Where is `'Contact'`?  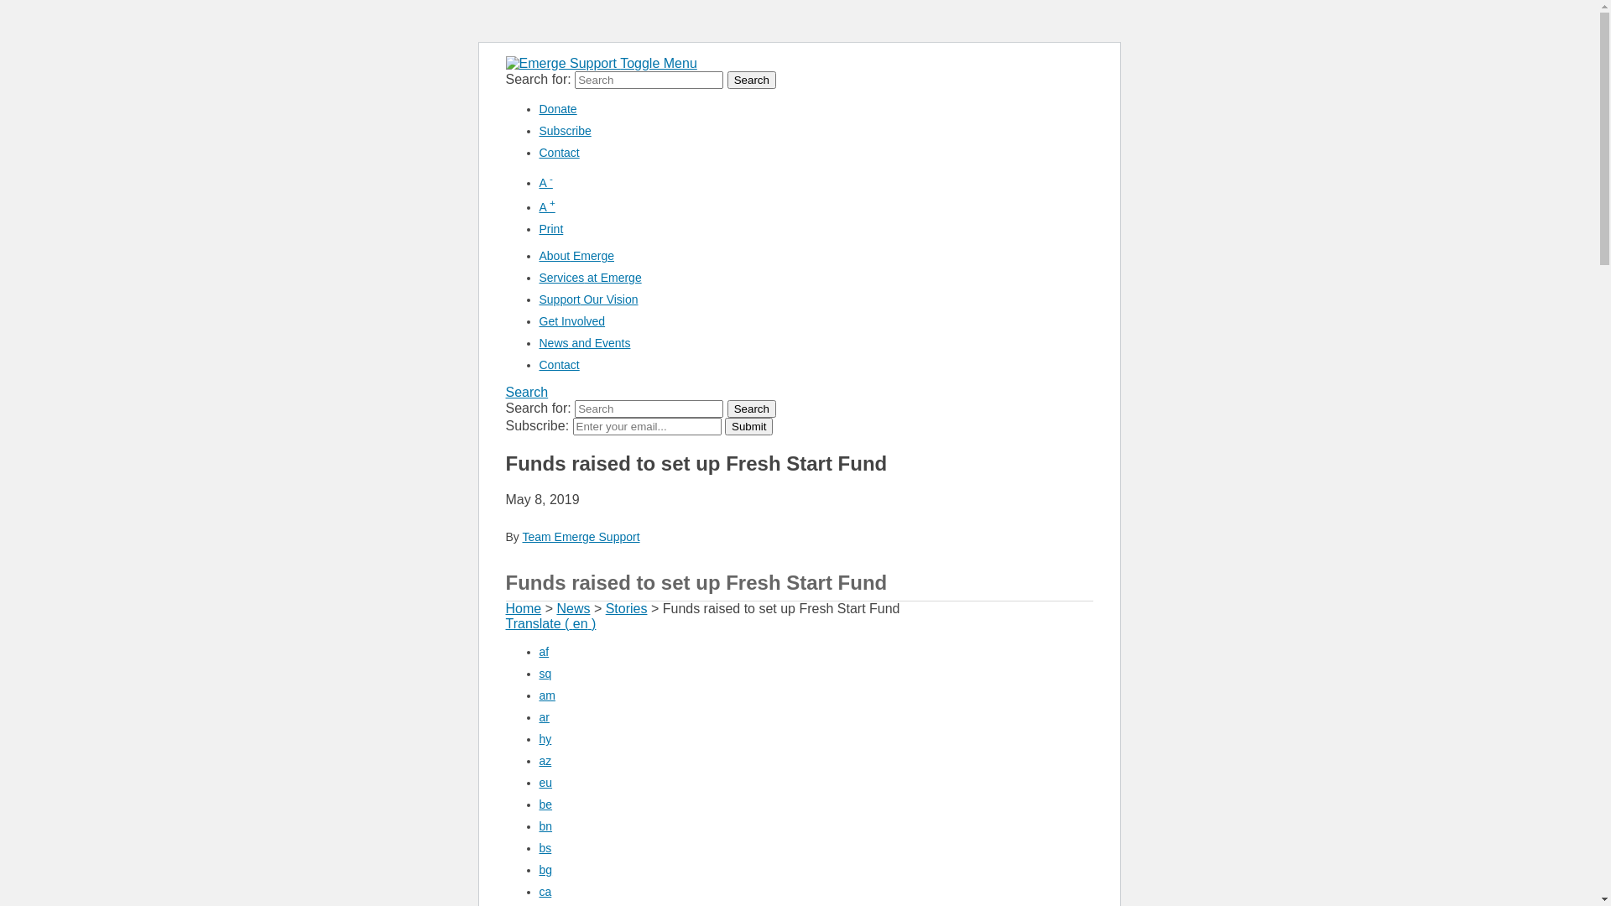
'Contact' is located at coordinates (559, 152).